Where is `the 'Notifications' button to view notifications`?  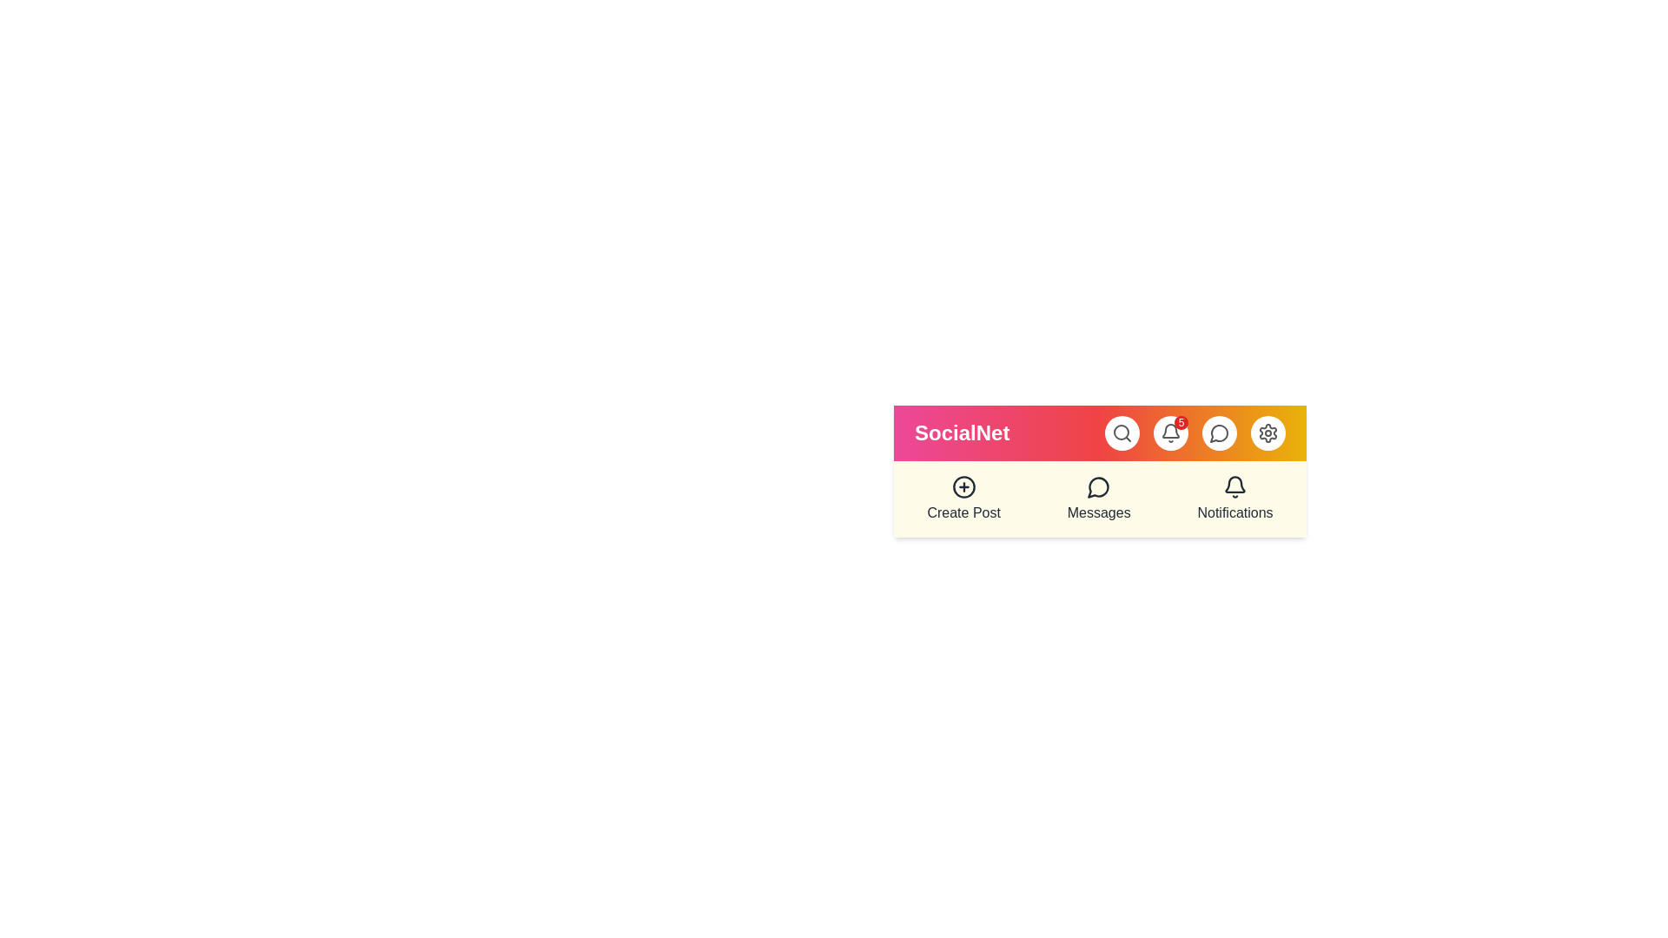 the 'Notifications' button to view notifications is located at coordinates (1234, 499).